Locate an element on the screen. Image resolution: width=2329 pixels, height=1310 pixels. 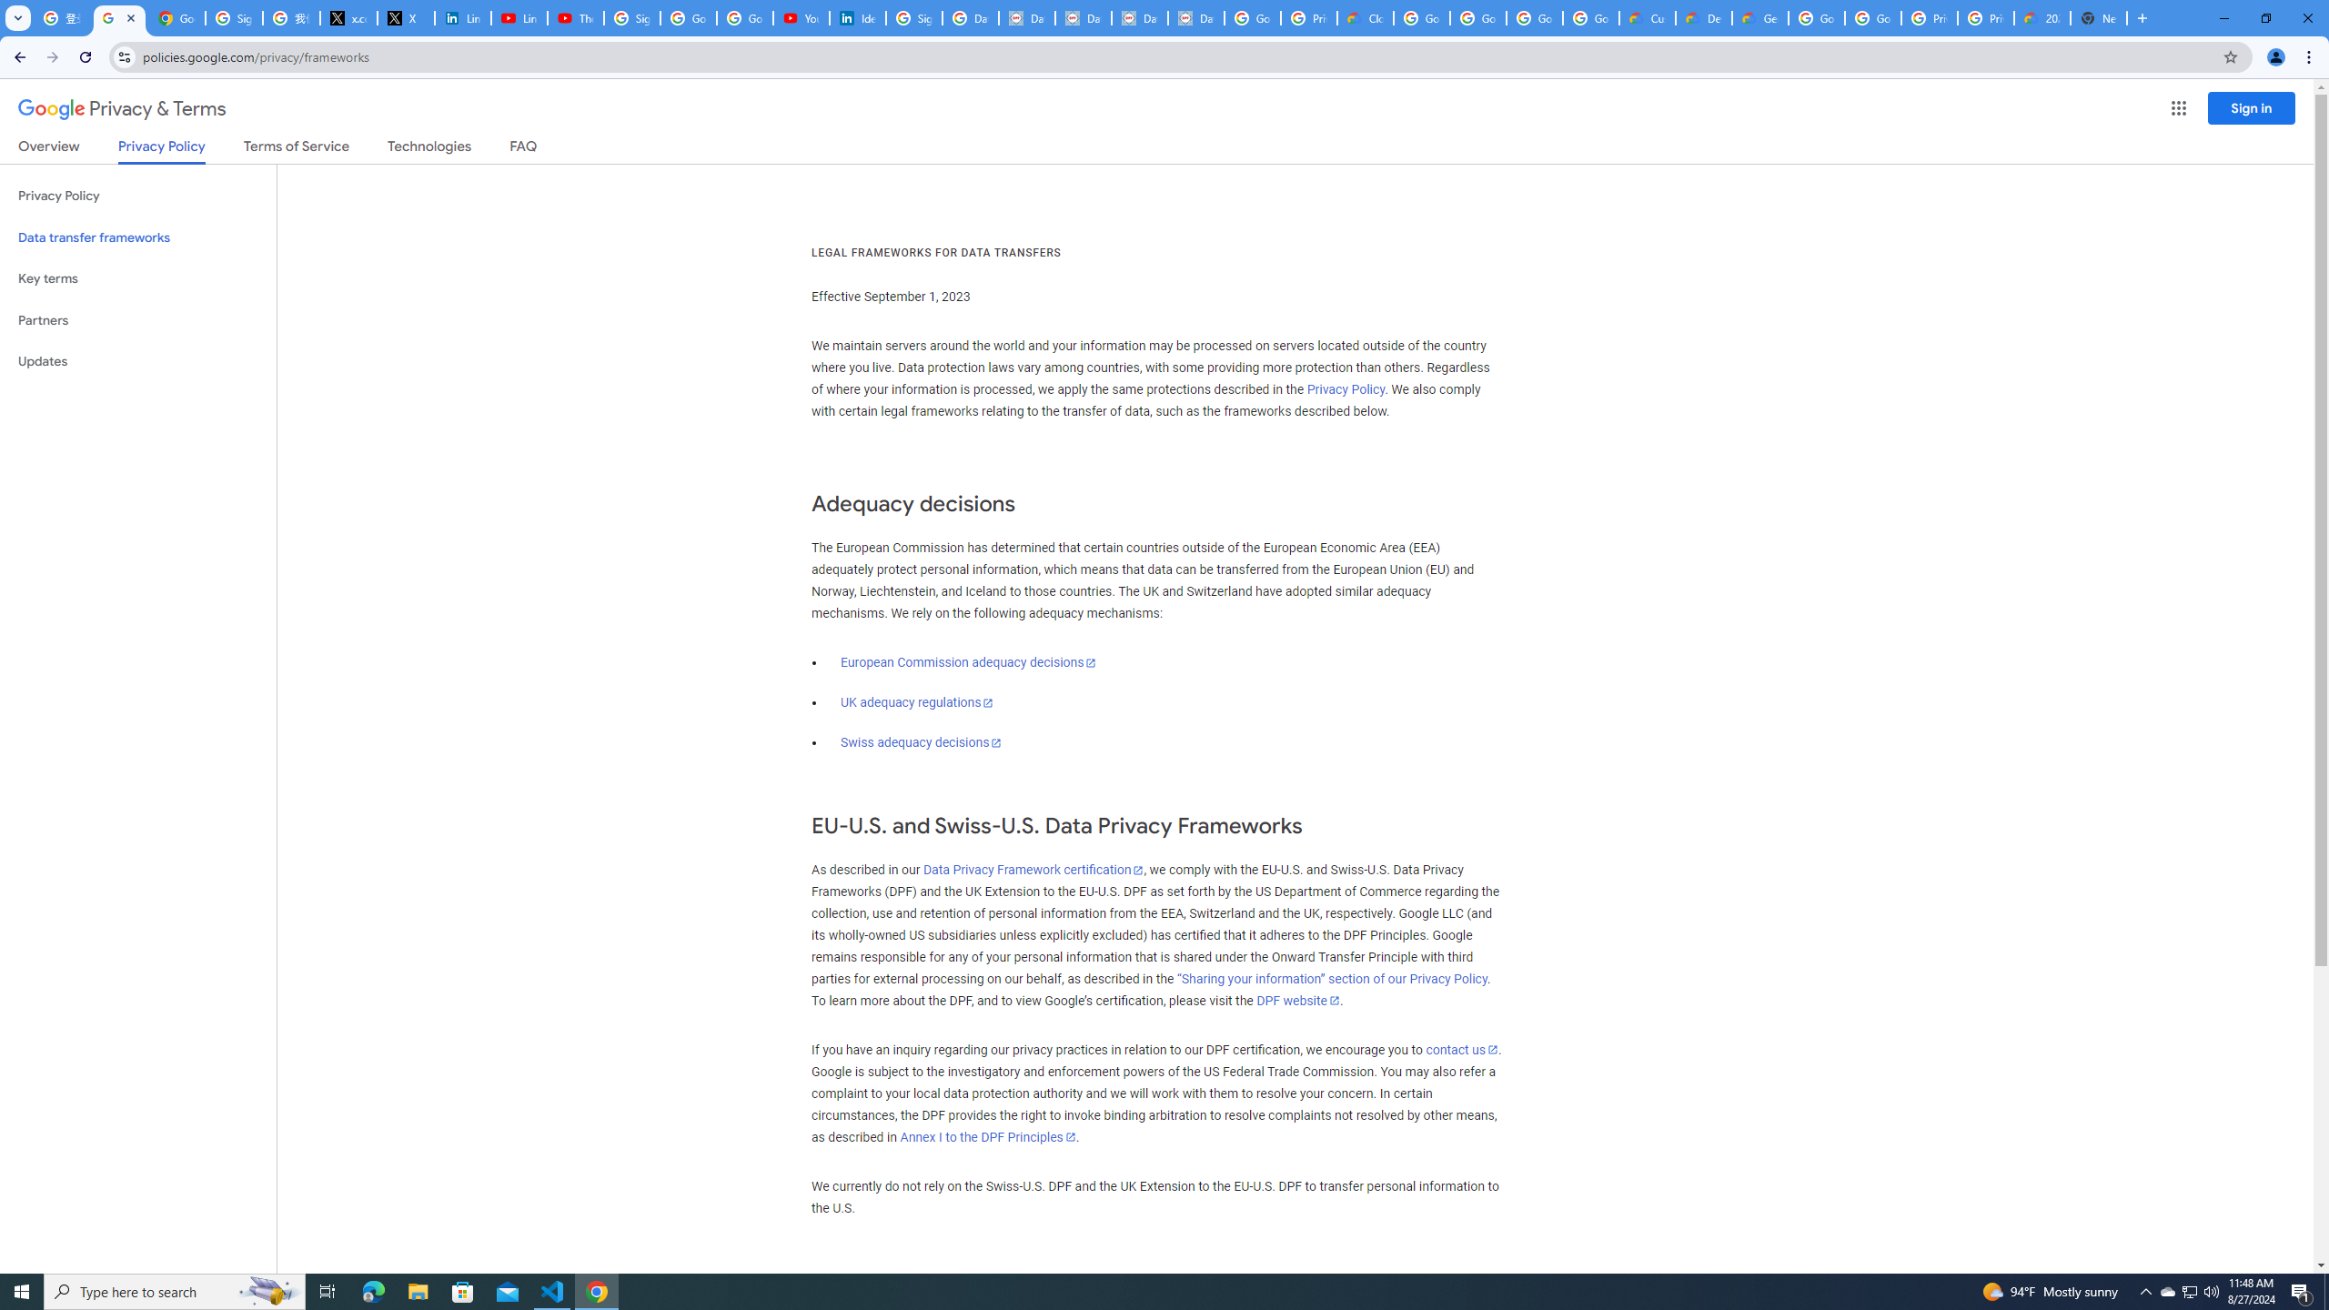
'X' is located at coordinates (405, 17).